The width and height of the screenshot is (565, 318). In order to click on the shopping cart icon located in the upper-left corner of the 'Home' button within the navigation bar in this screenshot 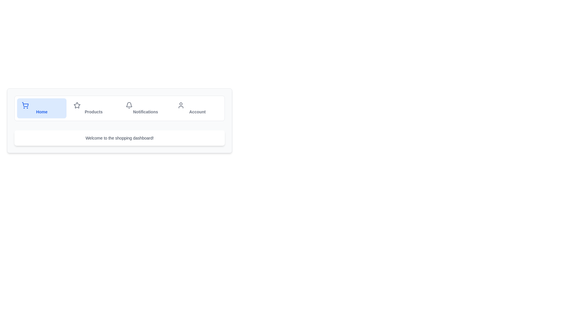, I will do `click(25, 105)`.